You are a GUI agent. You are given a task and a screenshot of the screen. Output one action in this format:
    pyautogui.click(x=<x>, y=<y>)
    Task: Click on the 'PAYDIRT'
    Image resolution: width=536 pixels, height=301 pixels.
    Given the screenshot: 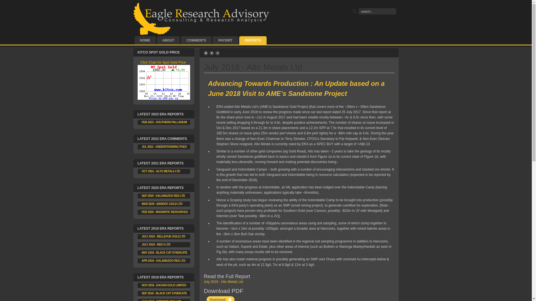 What is the action you would take?
    pyautogui.click(x=225, y=40)
    